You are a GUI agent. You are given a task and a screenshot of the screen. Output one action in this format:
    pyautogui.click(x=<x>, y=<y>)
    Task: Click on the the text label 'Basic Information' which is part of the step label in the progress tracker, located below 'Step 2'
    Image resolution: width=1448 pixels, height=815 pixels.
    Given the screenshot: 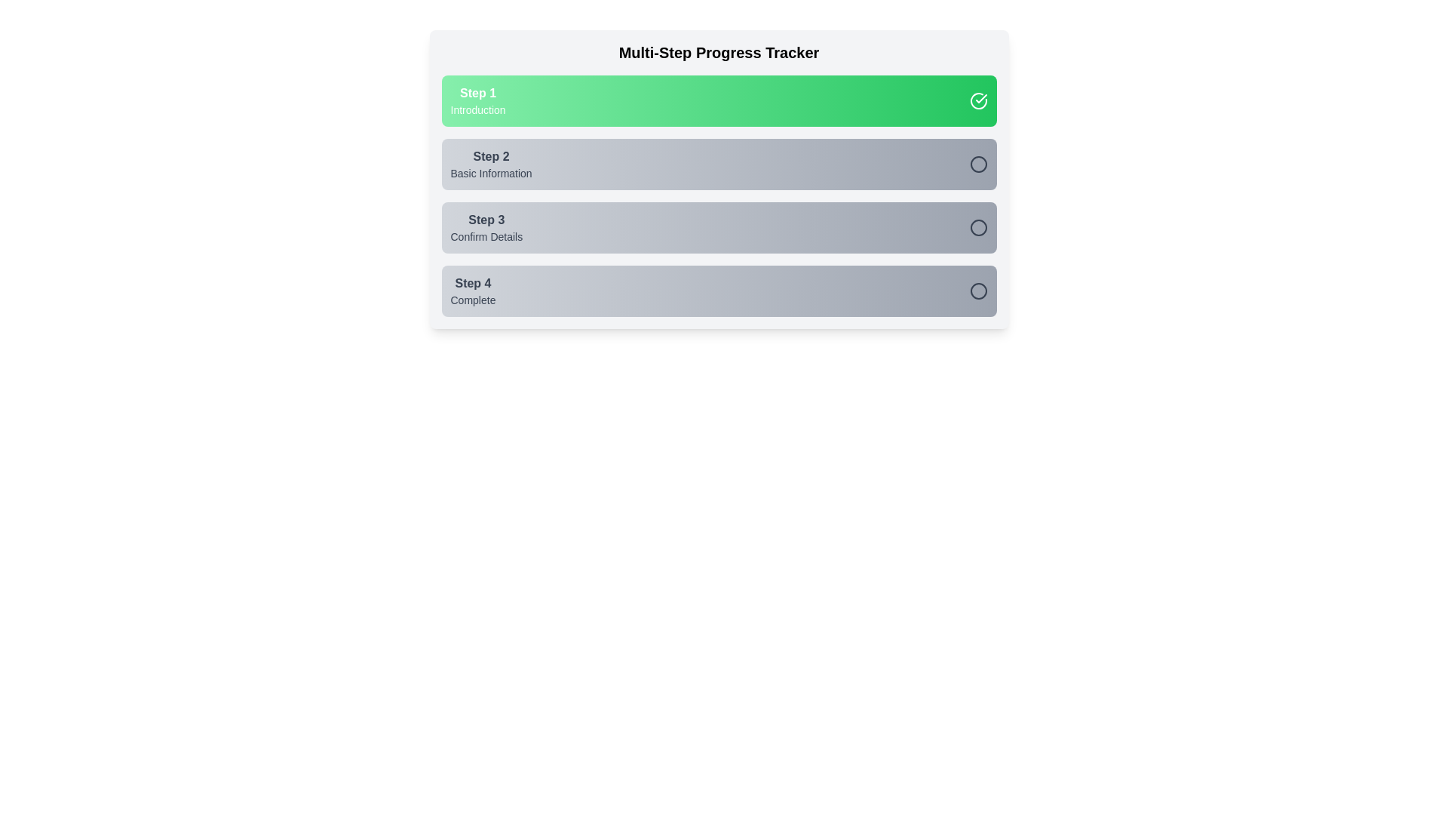 What is the action you would take?
    pyautogui.click(x=491, y=173)
    